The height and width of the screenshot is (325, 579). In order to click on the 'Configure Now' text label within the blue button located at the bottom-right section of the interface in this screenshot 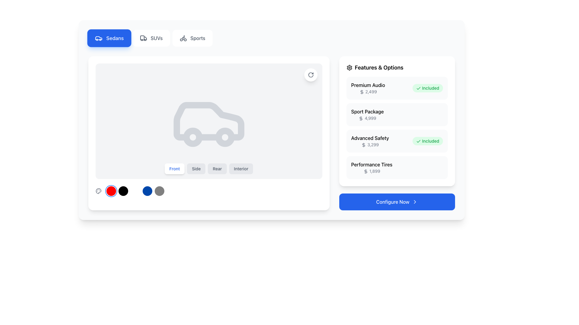, I will do `click(393, 202)`.